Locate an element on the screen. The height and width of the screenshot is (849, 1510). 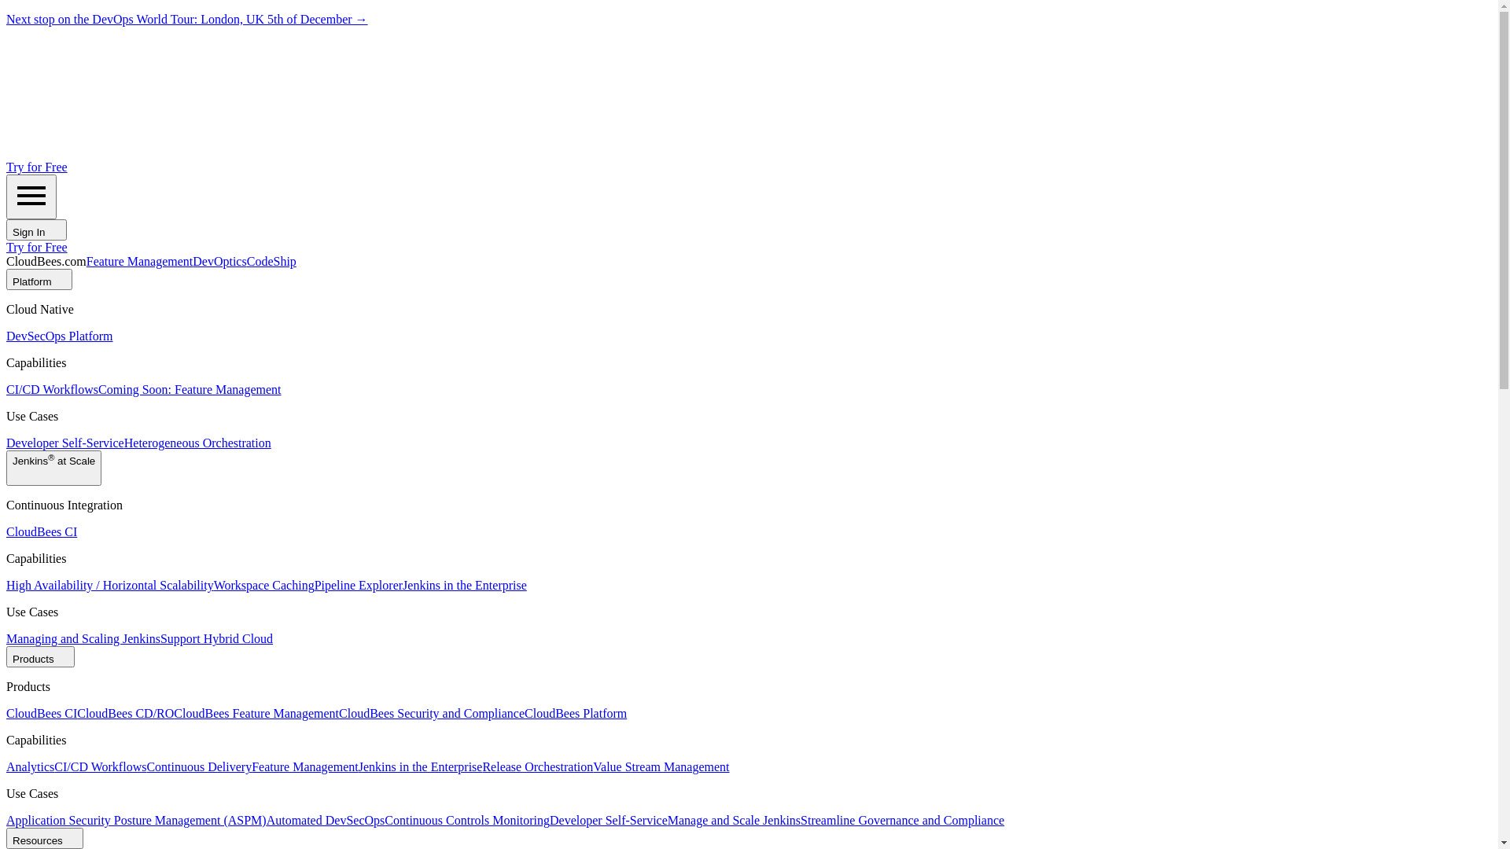
'Value Stream Management' is located at coordinates (661, 766).